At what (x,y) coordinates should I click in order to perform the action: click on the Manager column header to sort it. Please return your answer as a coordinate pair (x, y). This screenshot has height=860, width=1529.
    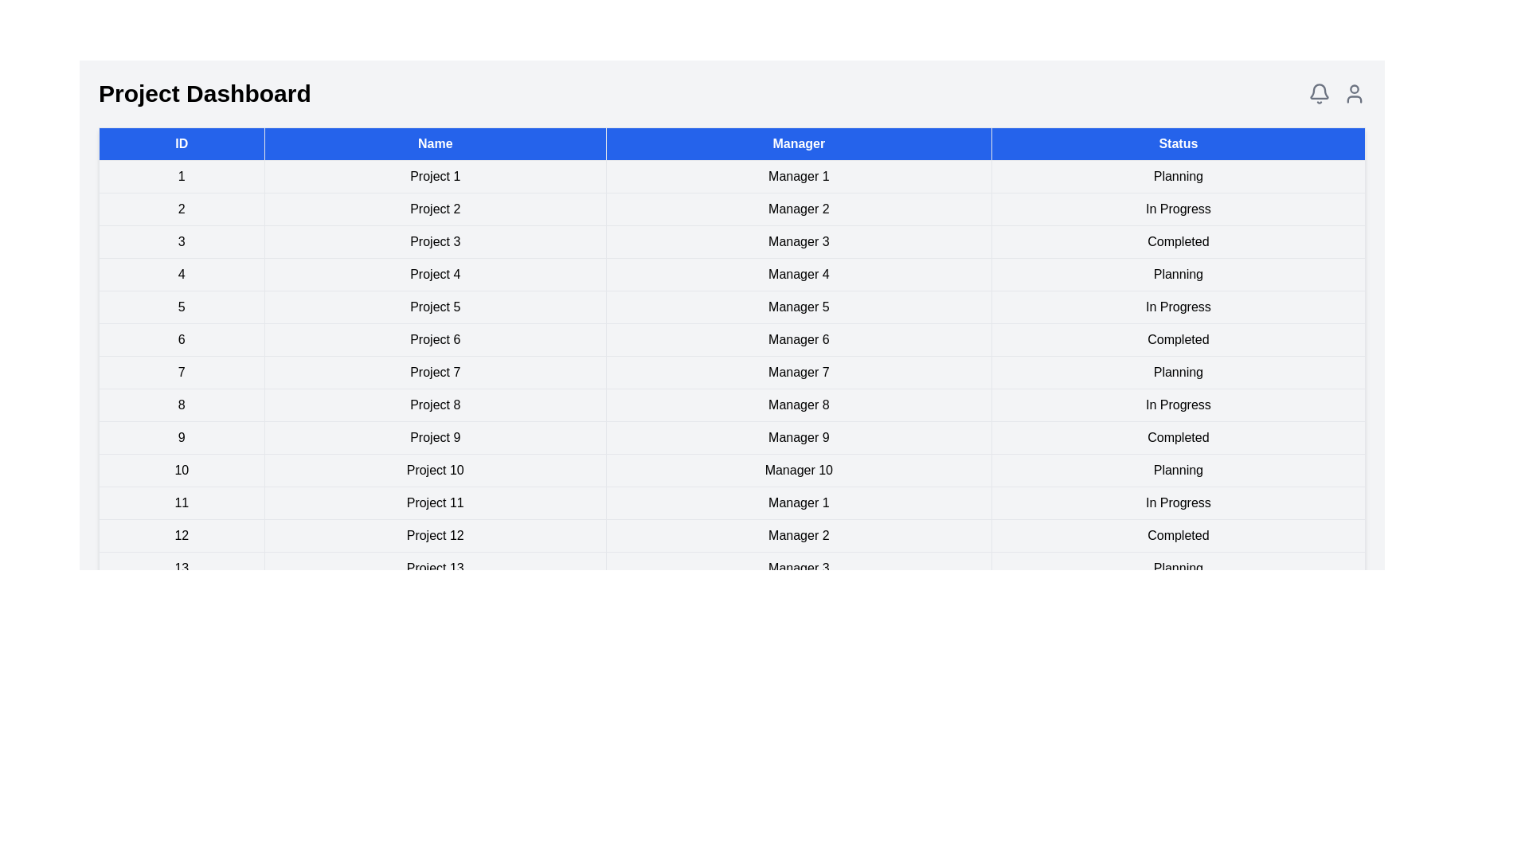
    Looking at the image, I should click on (799, 144).